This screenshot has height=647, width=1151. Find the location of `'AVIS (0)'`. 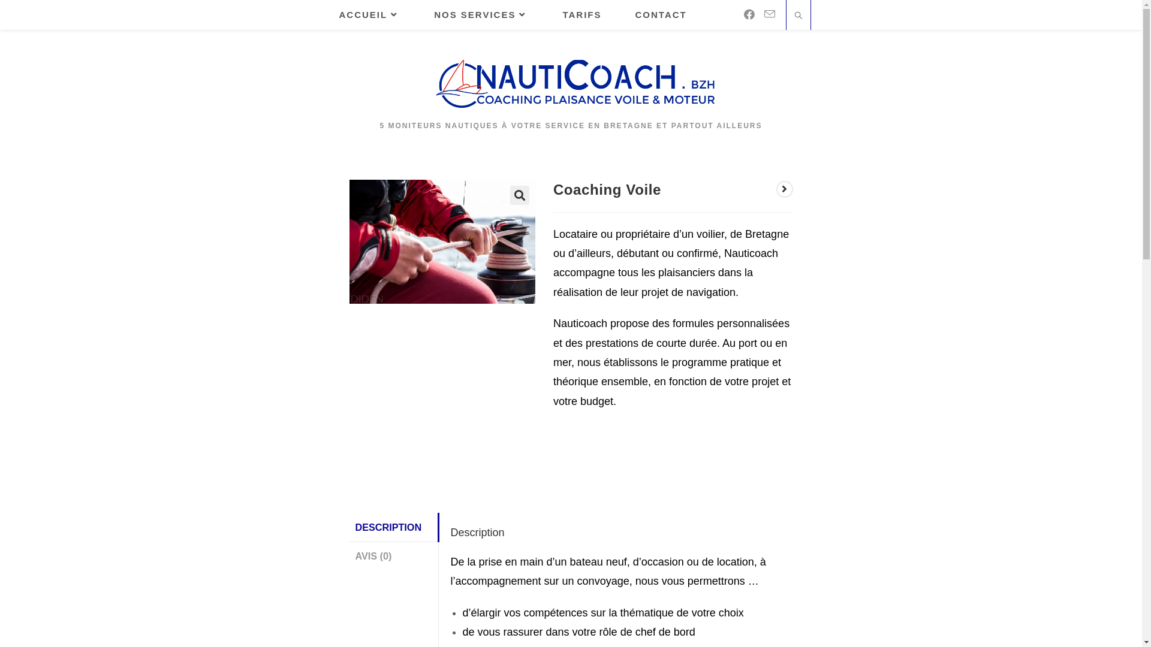

'AVIS (0)' is located at coordinates (393, 556).